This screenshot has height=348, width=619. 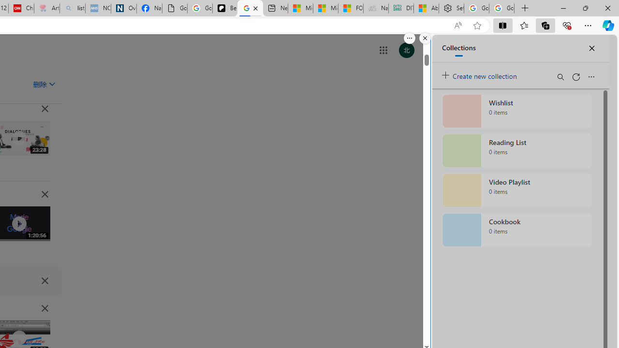 What do you see at coordinates (425, 38) in the screenshot?
I see `'Close split screen.'` at bounding box center [425, 38].